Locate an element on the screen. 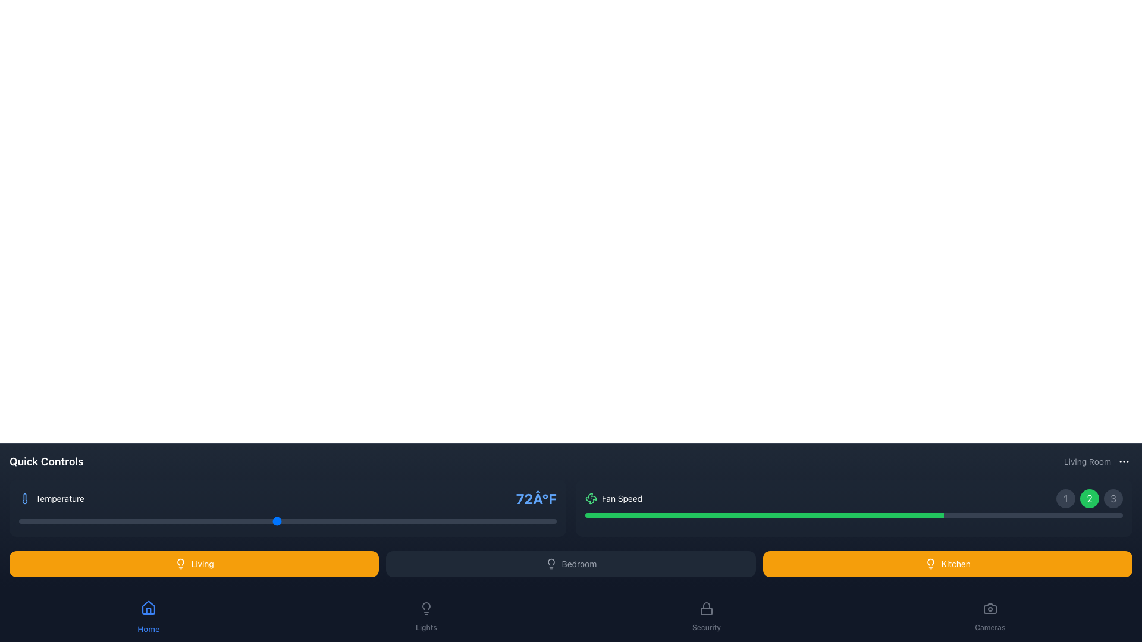  the Ellipsis menu icon located in the top-right corner of the 'Living Room' section to trigger hover effects is located at coordinates (1124, 461).